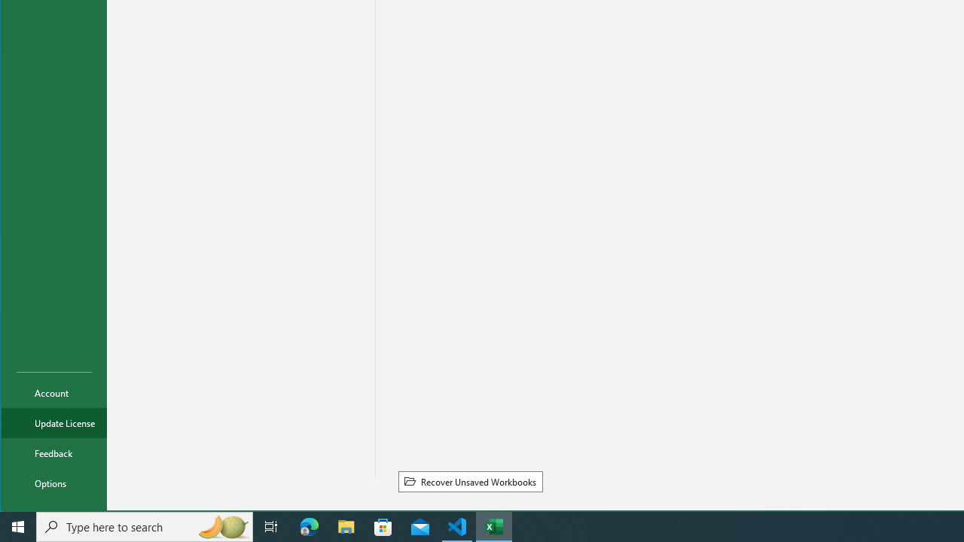  I want to click on 'Microsoft Edge', so click(309, 525).